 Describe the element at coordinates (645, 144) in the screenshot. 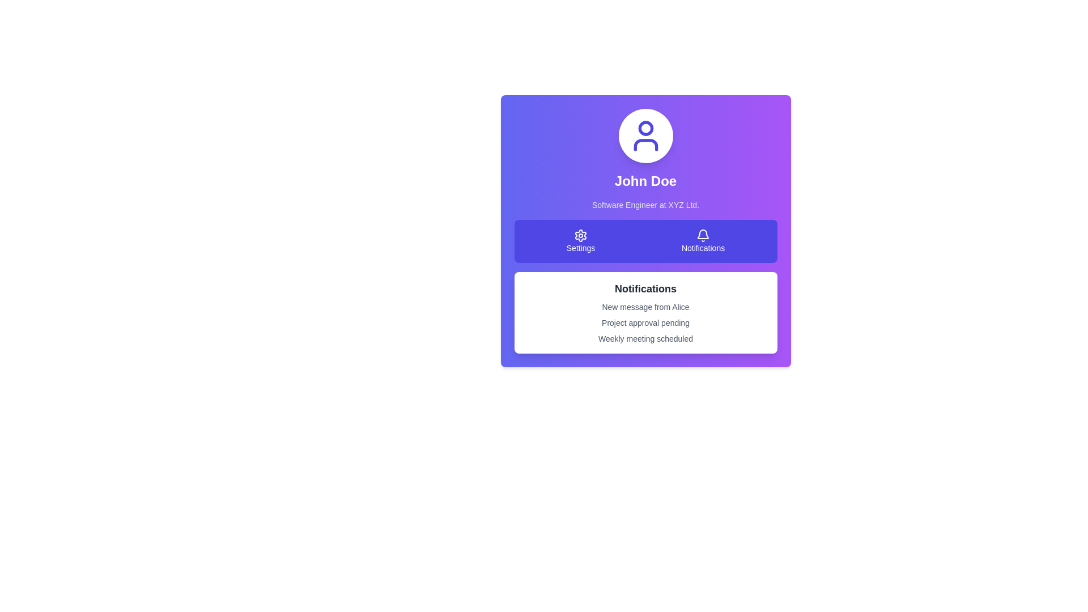

I see `the body portion of the user avatar icon, which is a graphical part located at the center-top of the card, below the smaller circle representing the head` at that location.